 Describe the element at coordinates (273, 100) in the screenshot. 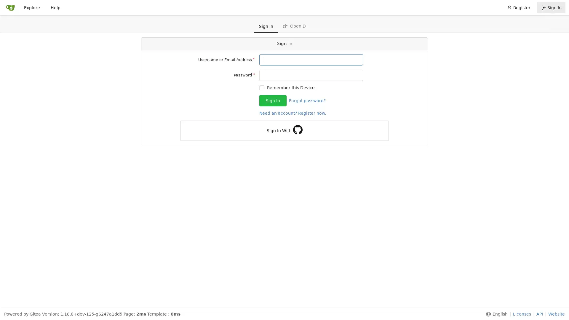

I see `Sign In` at that location.